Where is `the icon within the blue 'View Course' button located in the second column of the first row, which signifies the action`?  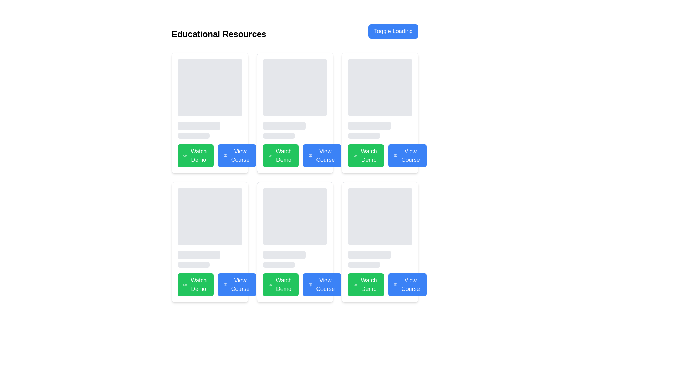
the icon within the blue 'View Course' button located in the second column of the first row, which signifies the action is located at coordinates (225, 155).